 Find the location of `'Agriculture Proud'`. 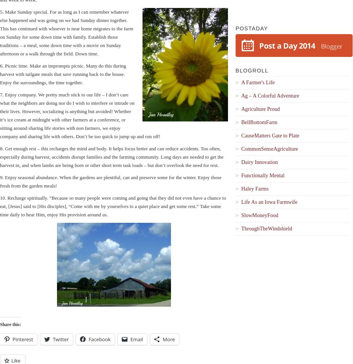

'Agriculture Proud' is located at coordinates (260, 109).